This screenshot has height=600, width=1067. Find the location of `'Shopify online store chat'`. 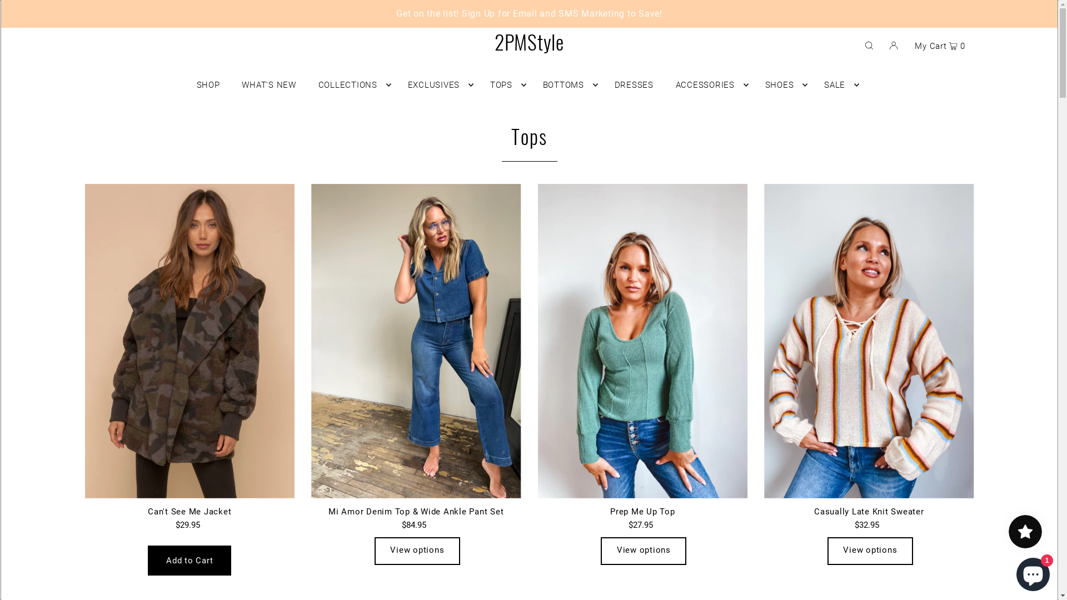

'Shopify online store chat' is located at coordinates (1013, 572).